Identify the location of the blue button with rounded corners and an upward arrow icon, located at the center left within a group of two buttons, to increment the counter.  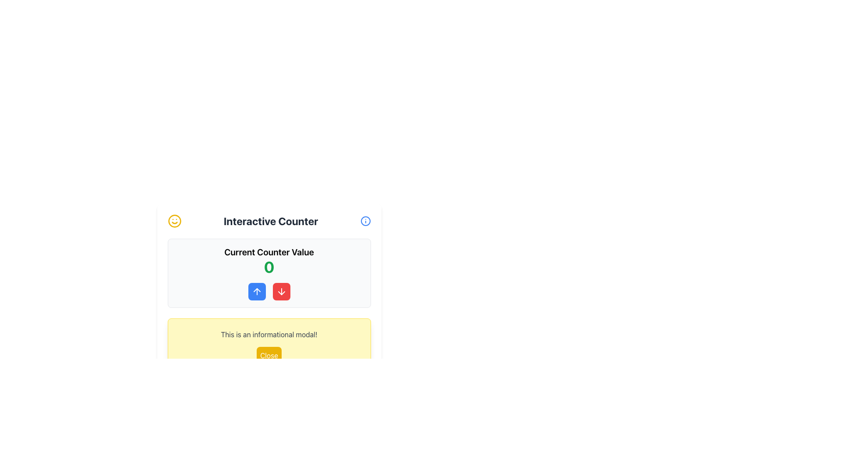
(256, 292).